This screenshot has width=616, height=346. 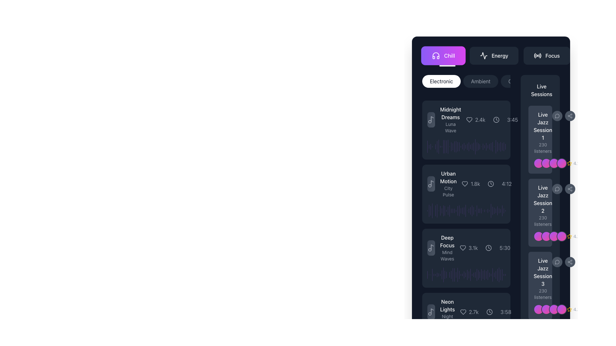 What do you see at coordinates (466, 274) in the screenshot?
I see `the Audio waveform visual, which consists of a waveform graphic with purple peaks and troughs on a dark background, located in the 'Deep Focus' section beneath 'Mind Waves' and above 'Neon Lights'` at bounding box center [466, 274].